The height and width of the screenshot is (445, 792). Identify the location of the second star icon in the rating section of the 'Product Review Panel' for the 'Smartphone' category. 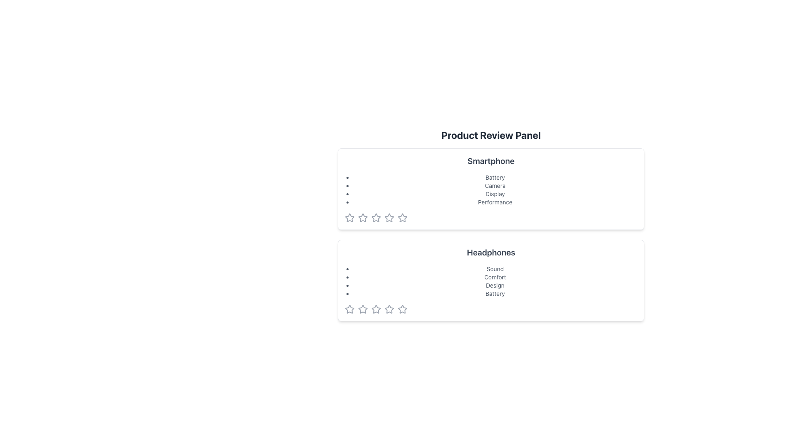
(389, 217).